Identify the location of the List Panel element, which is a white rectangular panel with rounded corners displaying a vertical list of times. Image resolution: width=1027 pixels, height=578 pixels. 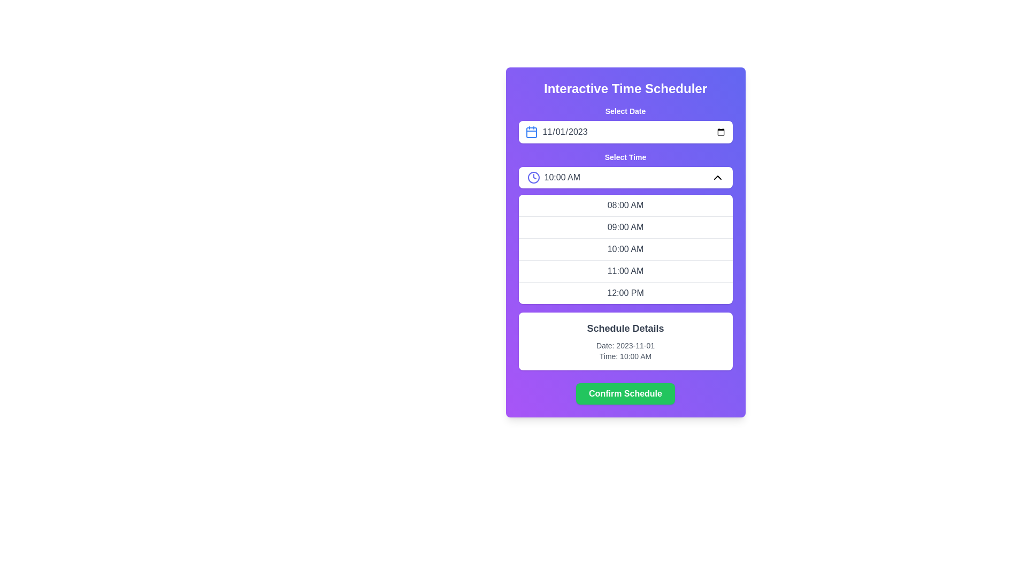
(625, 249).